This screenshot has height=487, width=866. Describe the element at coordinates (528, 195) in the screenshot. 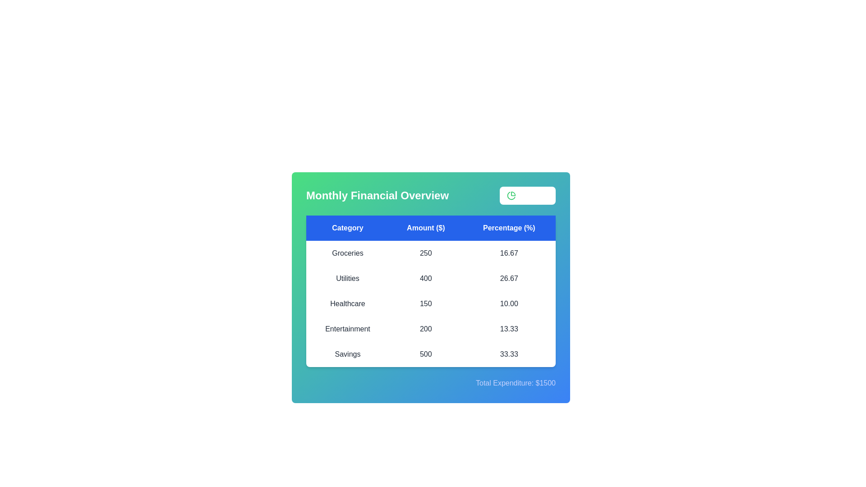

I see `the 'Visualize' button to trigger the visualization action` at that location.